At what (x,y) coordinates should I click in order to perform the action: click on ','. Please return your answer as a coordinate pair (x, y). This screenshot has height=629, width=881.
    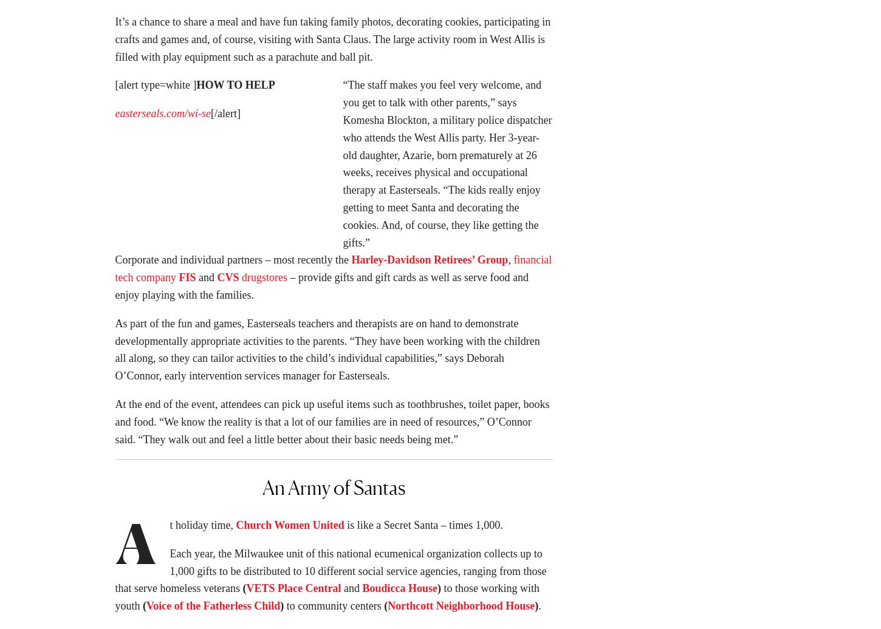
    Looking at the image, I should click on (510, 263).